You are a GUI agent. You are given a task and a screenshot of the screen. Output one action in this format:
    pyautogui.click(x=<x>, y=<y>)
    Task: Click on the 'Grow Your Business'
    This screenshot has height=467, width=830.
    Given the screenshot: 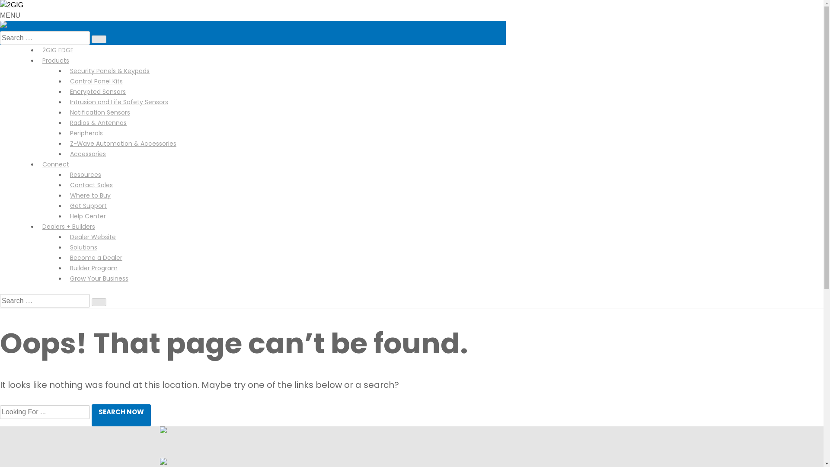 What is the action you would take?
    pyautogui.click(x=99, y=278)
    